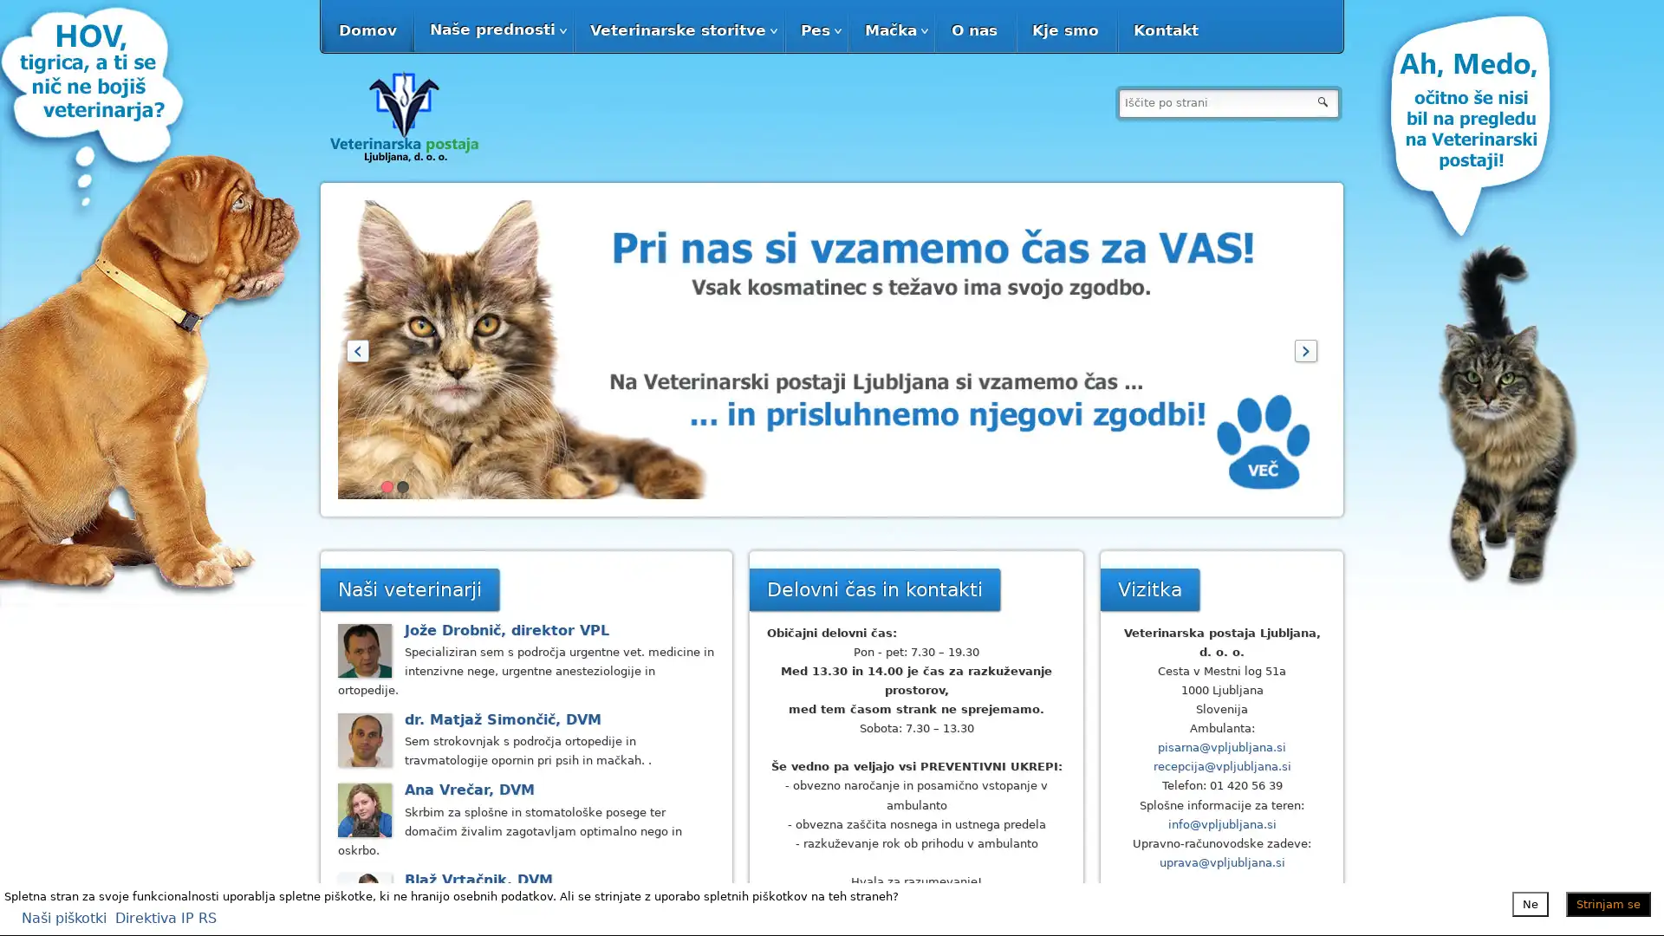 The image size is (1664, 936). Describe the element at coordinates (1608, 902) in the screenshot. I see `Strinjam se` at that location.